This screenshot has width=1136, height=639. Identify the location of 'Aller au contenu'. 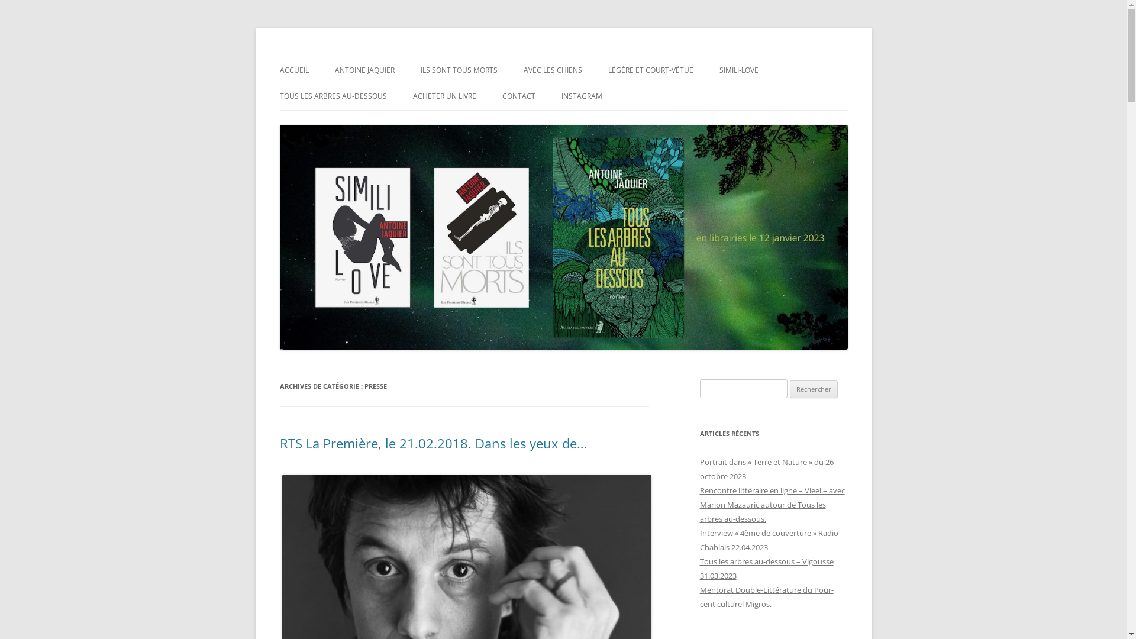
(563, 57).